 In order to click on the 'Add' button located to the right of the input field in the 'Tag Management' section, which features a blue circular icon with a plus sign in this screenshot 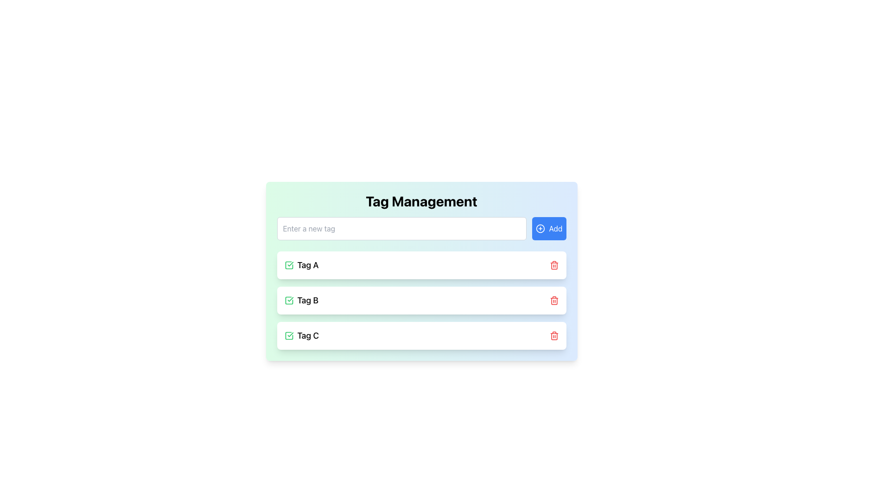, I will do `click(540, 229)`.